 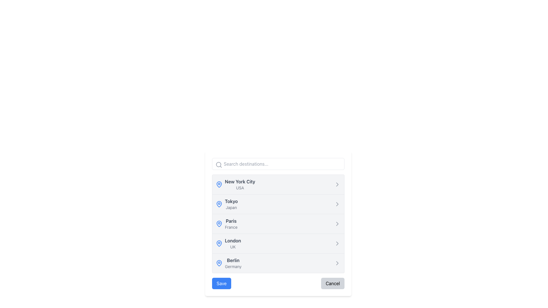 I want to click on the right-pointing arrow icon indicating navigability for the London, UK list item, so click(x=337, y=243).